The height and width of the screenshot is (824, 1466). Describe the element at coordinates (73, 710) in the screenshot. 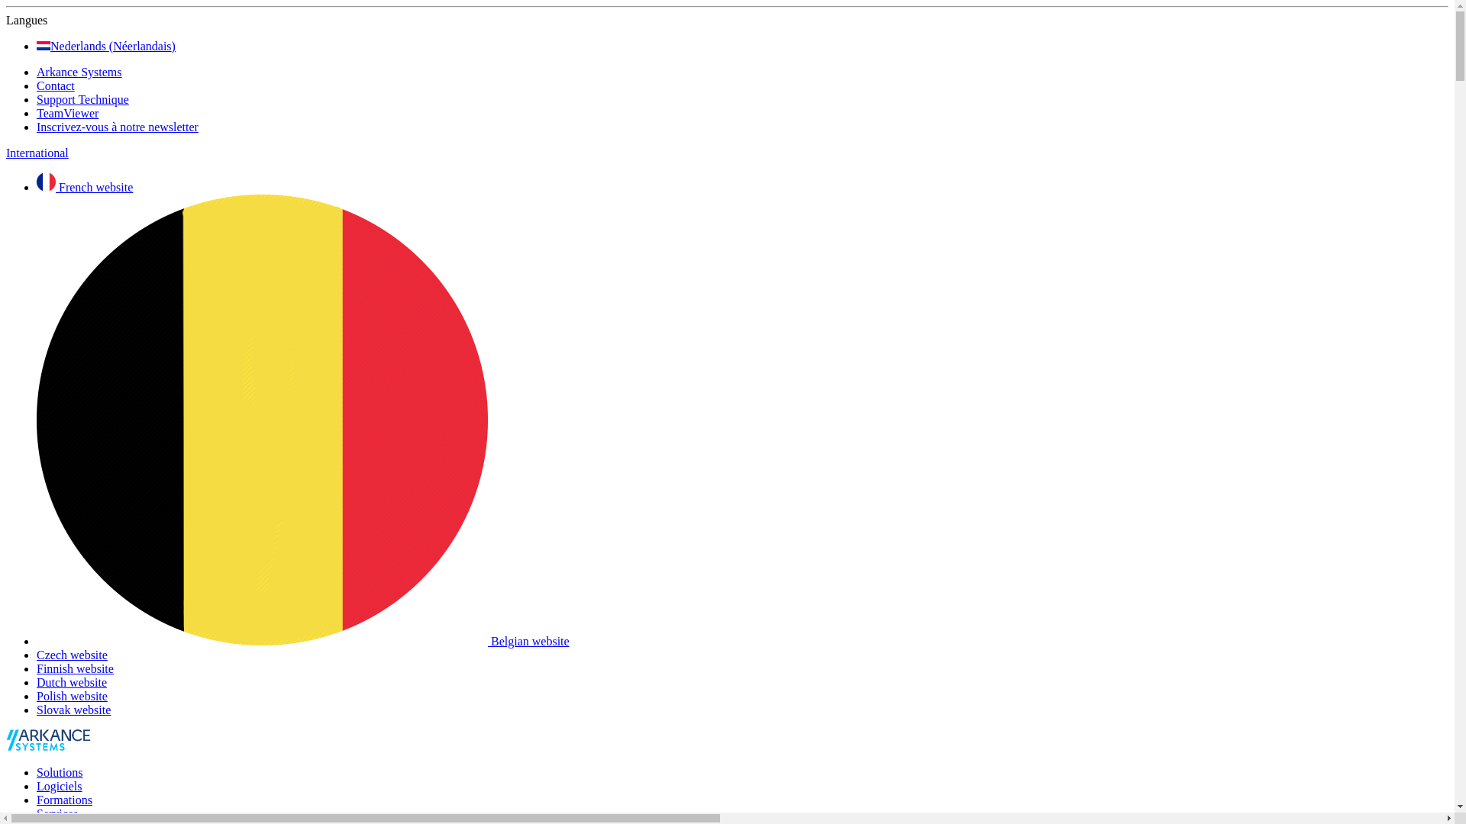

I see `'Slovak website'` at that location.